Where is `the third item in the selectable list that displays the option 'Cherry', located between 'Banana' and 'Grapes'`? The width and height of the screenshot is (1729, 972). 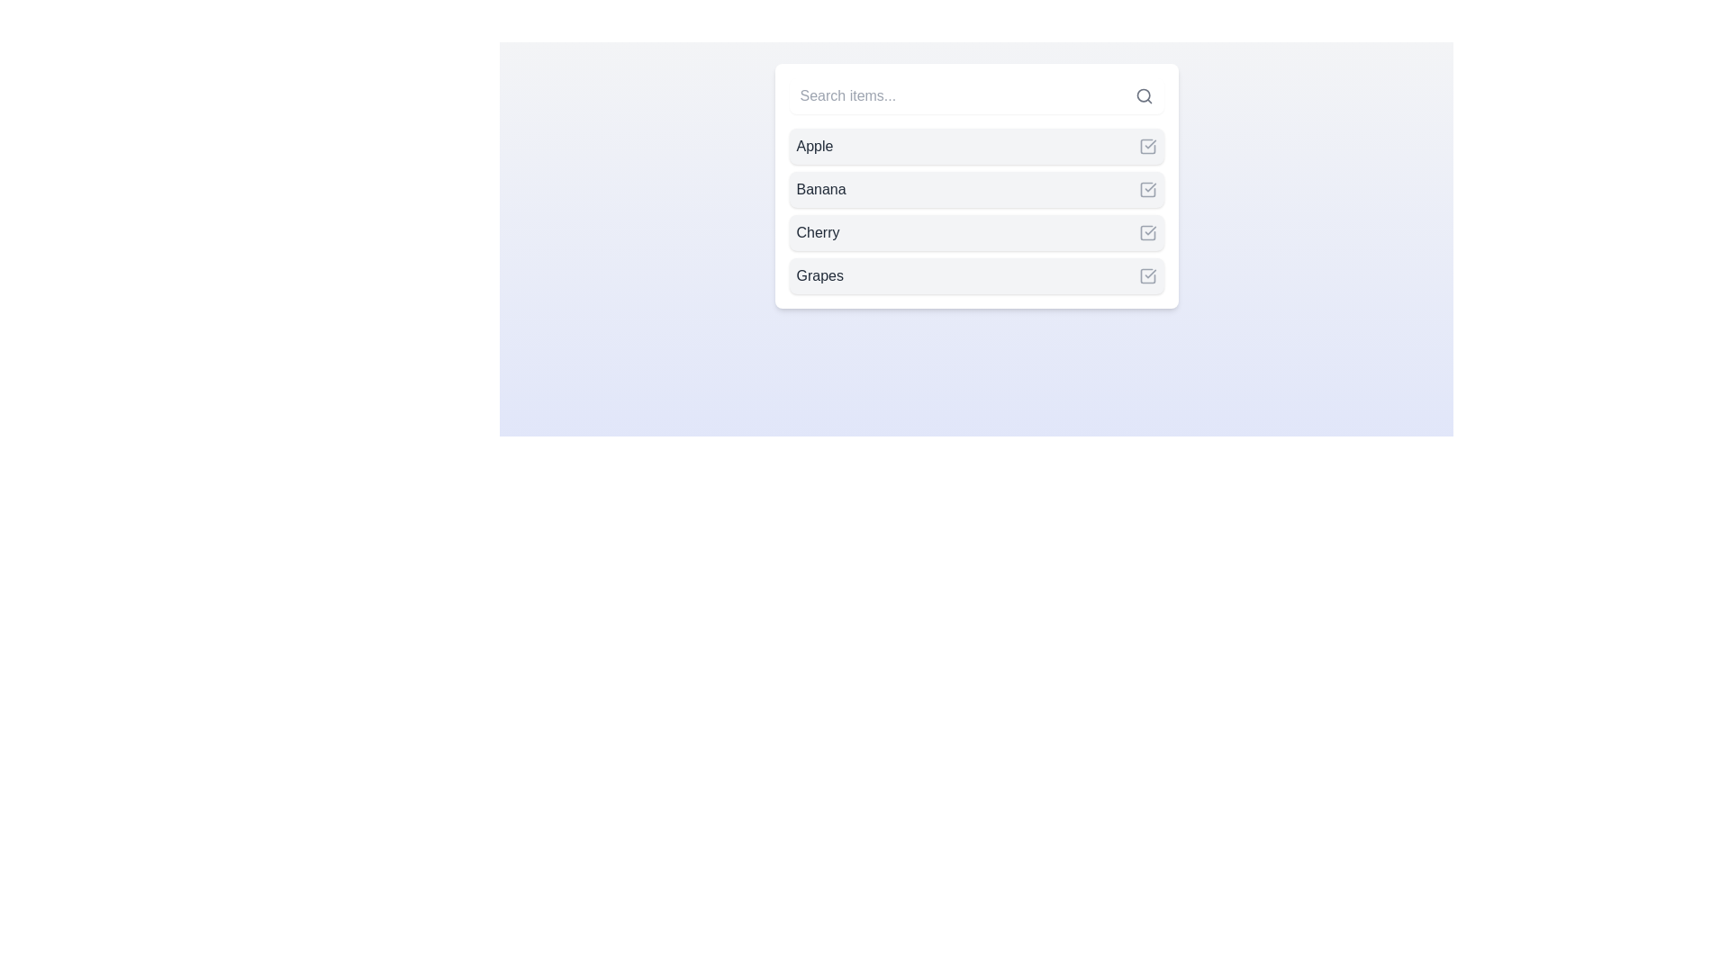
the third item in the selectable list that displays the option 'Cherry', located between 'Banana' and 'Grapes' is located at coordinates (975, 211).